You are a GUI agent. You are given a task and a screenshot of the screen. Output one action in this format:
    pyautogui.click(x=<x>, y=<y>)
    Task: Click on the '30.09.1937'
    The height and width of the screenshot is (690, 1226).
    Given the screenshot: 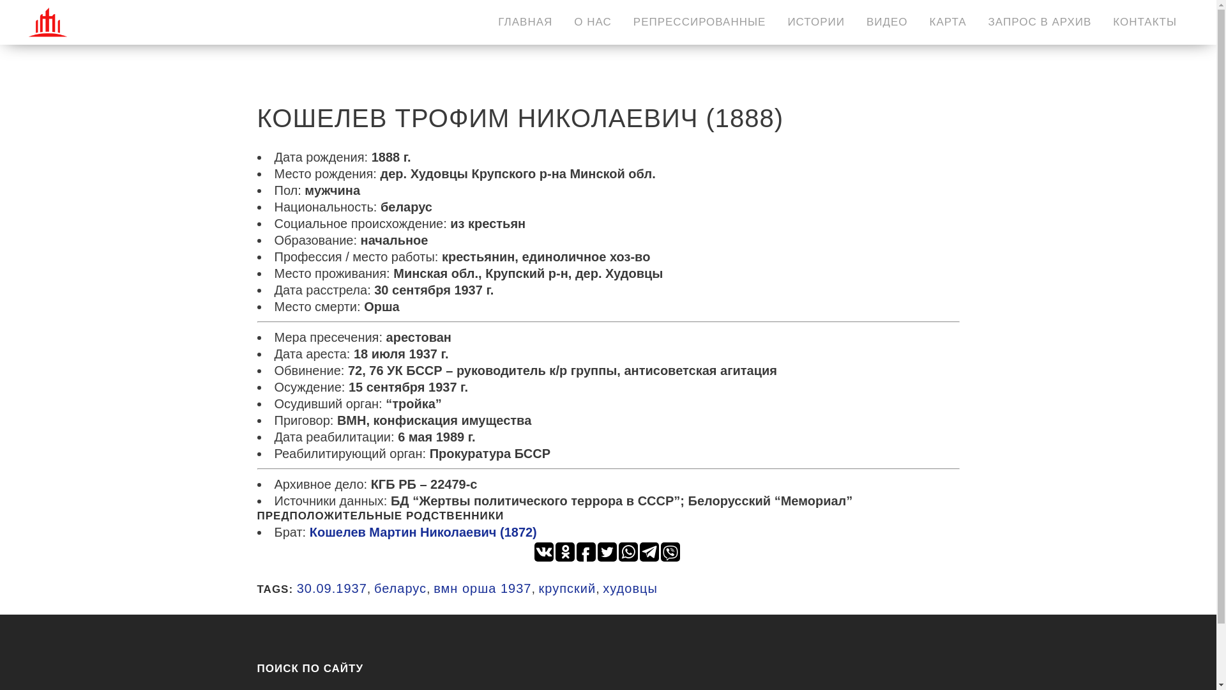 What is the action you would take?
    pyautogui.click(x=331, y=588)
    